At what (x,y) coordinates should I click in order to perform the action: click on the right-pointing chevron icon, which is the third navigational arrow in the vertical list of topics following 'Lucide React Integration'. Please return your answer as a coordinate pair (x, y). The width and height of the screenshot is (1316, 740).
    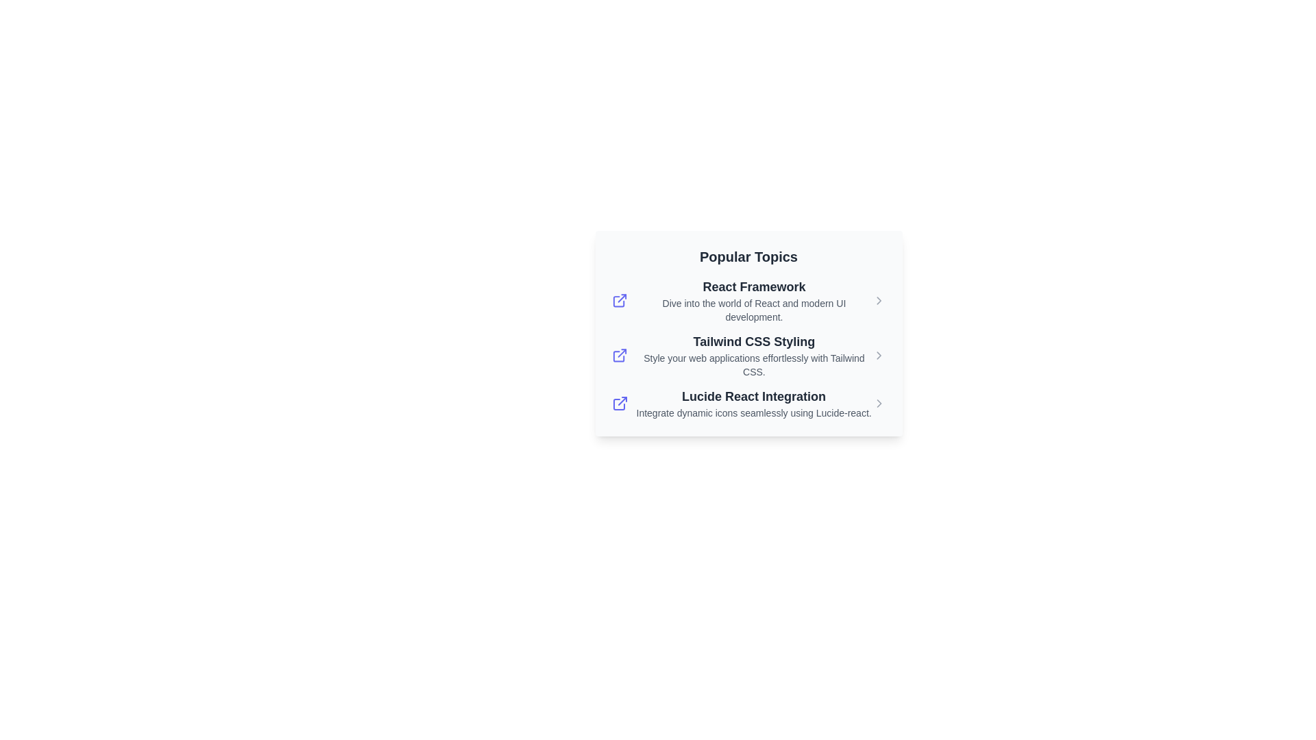
    Looking at the image, I should click on (879, 403).